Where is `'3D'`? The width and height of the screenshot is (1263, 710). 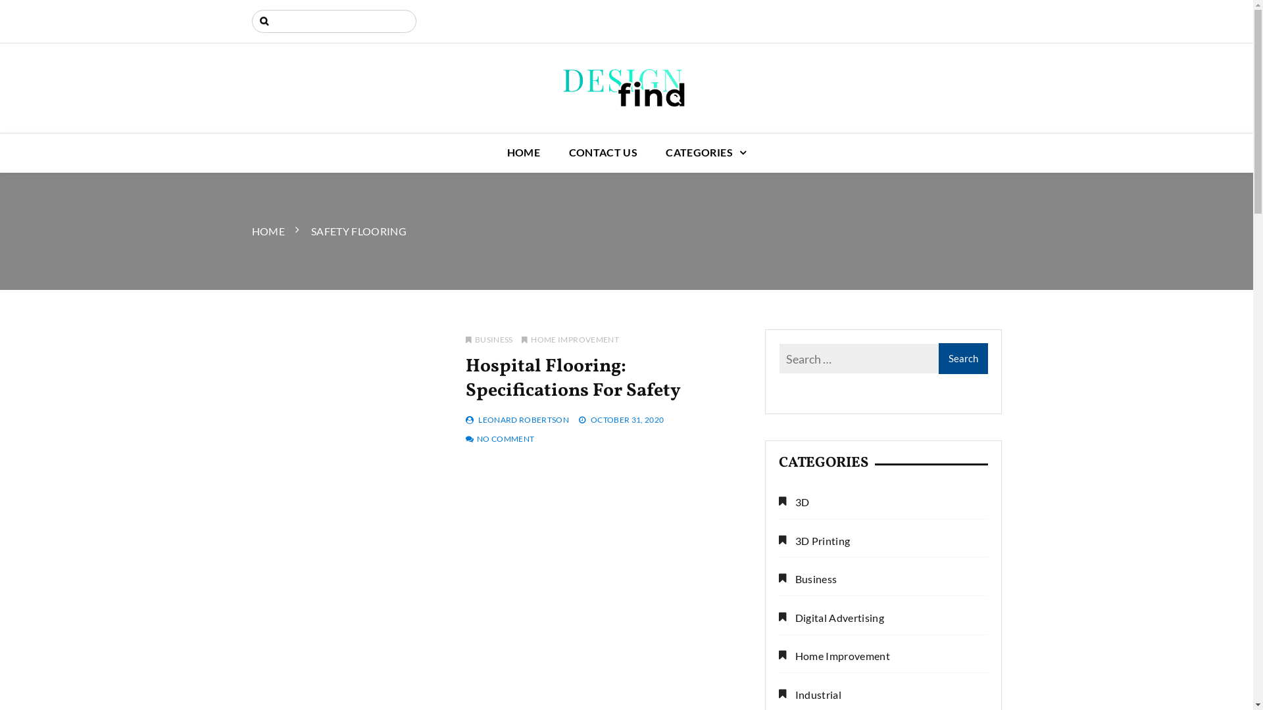
'3D' is located at coordinates (793, 502).